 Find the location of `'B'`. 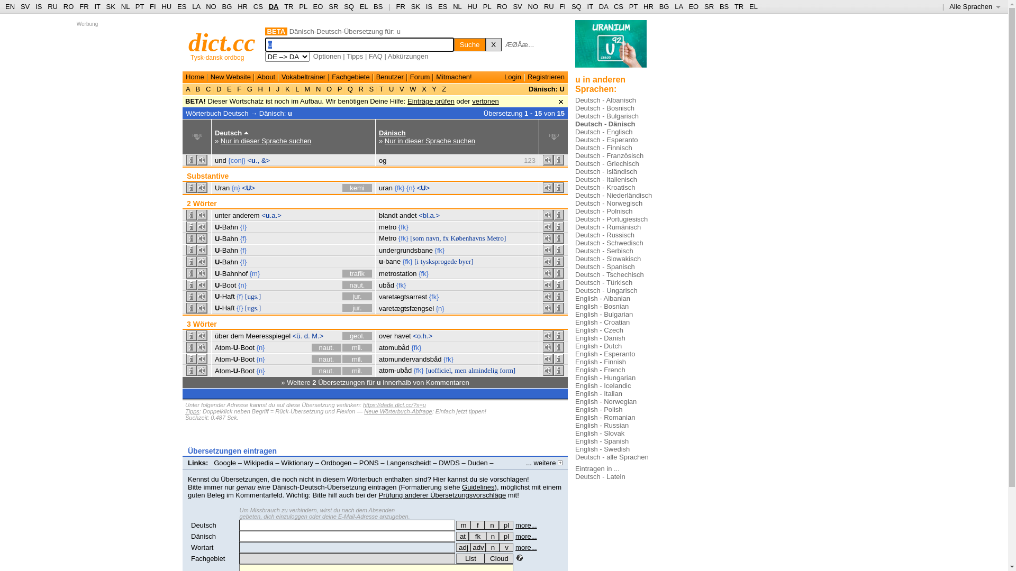

'B' is located at coordinates (198, 88).